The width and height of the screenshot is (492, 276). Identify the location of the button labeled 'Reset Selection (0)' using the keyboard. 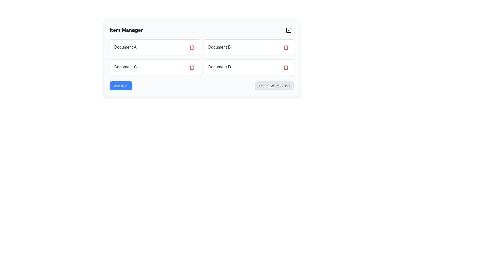
(274, 85).